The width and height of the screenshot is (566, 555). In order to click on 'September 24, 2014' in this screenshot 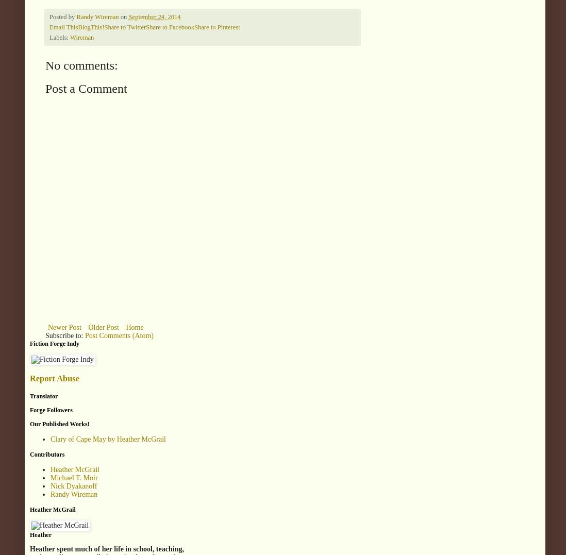, I will do `click(128, 15)`.